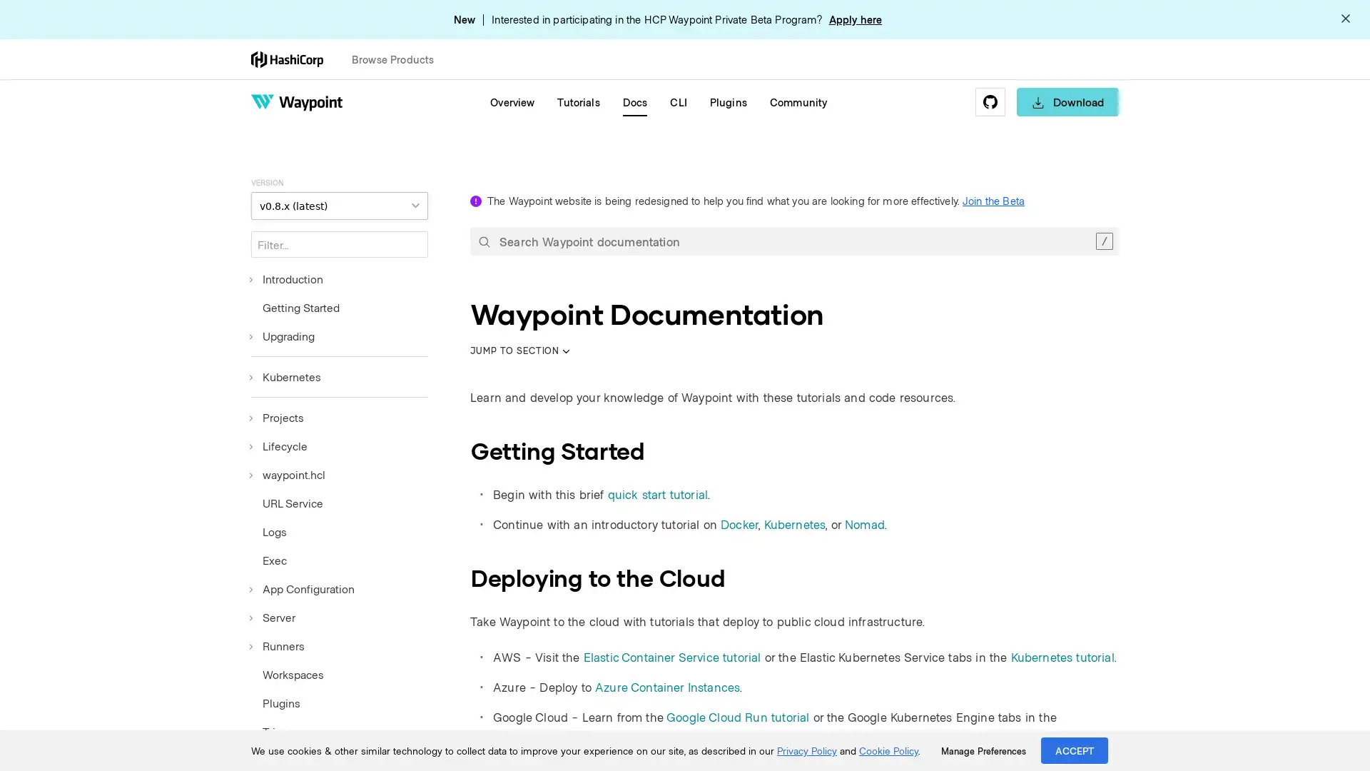  Describe the element at coordinates (1103, 241) in the screenshot. I see `Clear the search query.` at that location.